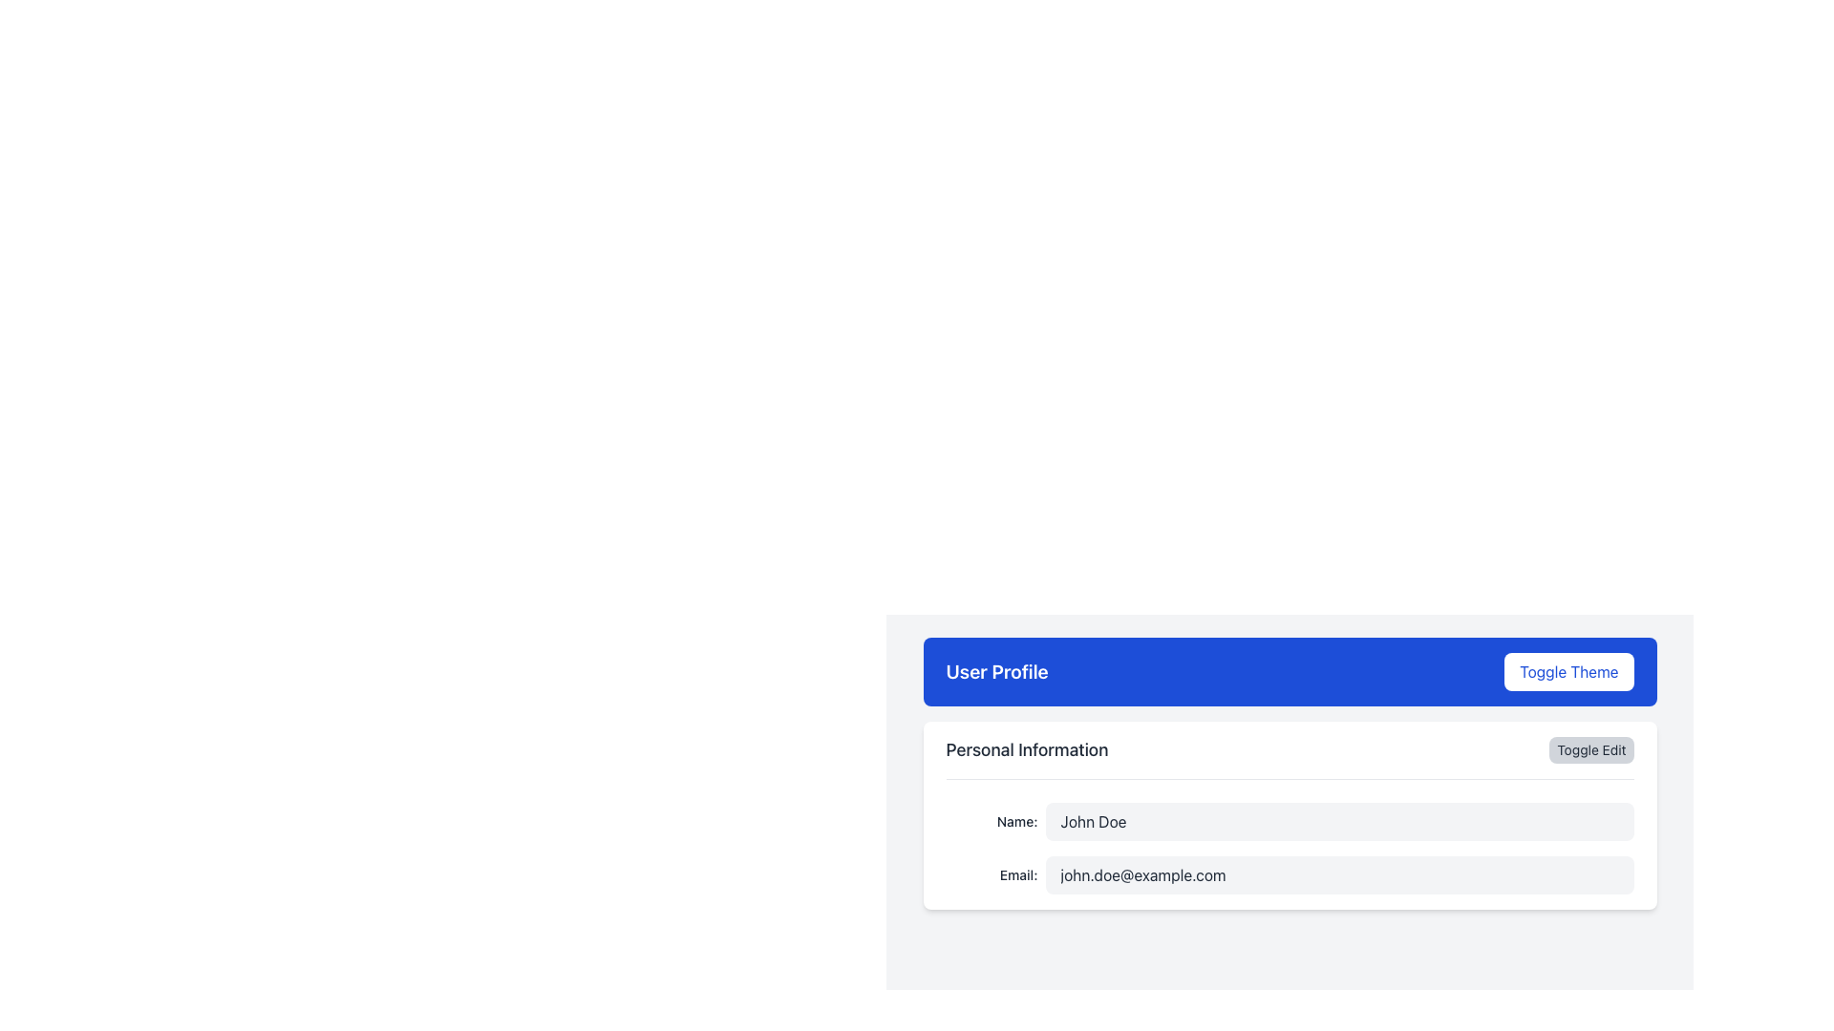 Image resolution: width=1834 pixels, height=1031 pixels. Describe the element at coordinates (996, 671) in the screenshot. I see `the 'User Profile' text label which serves as a header in the blue rectangular bar, located in the top-left corner` at that location.